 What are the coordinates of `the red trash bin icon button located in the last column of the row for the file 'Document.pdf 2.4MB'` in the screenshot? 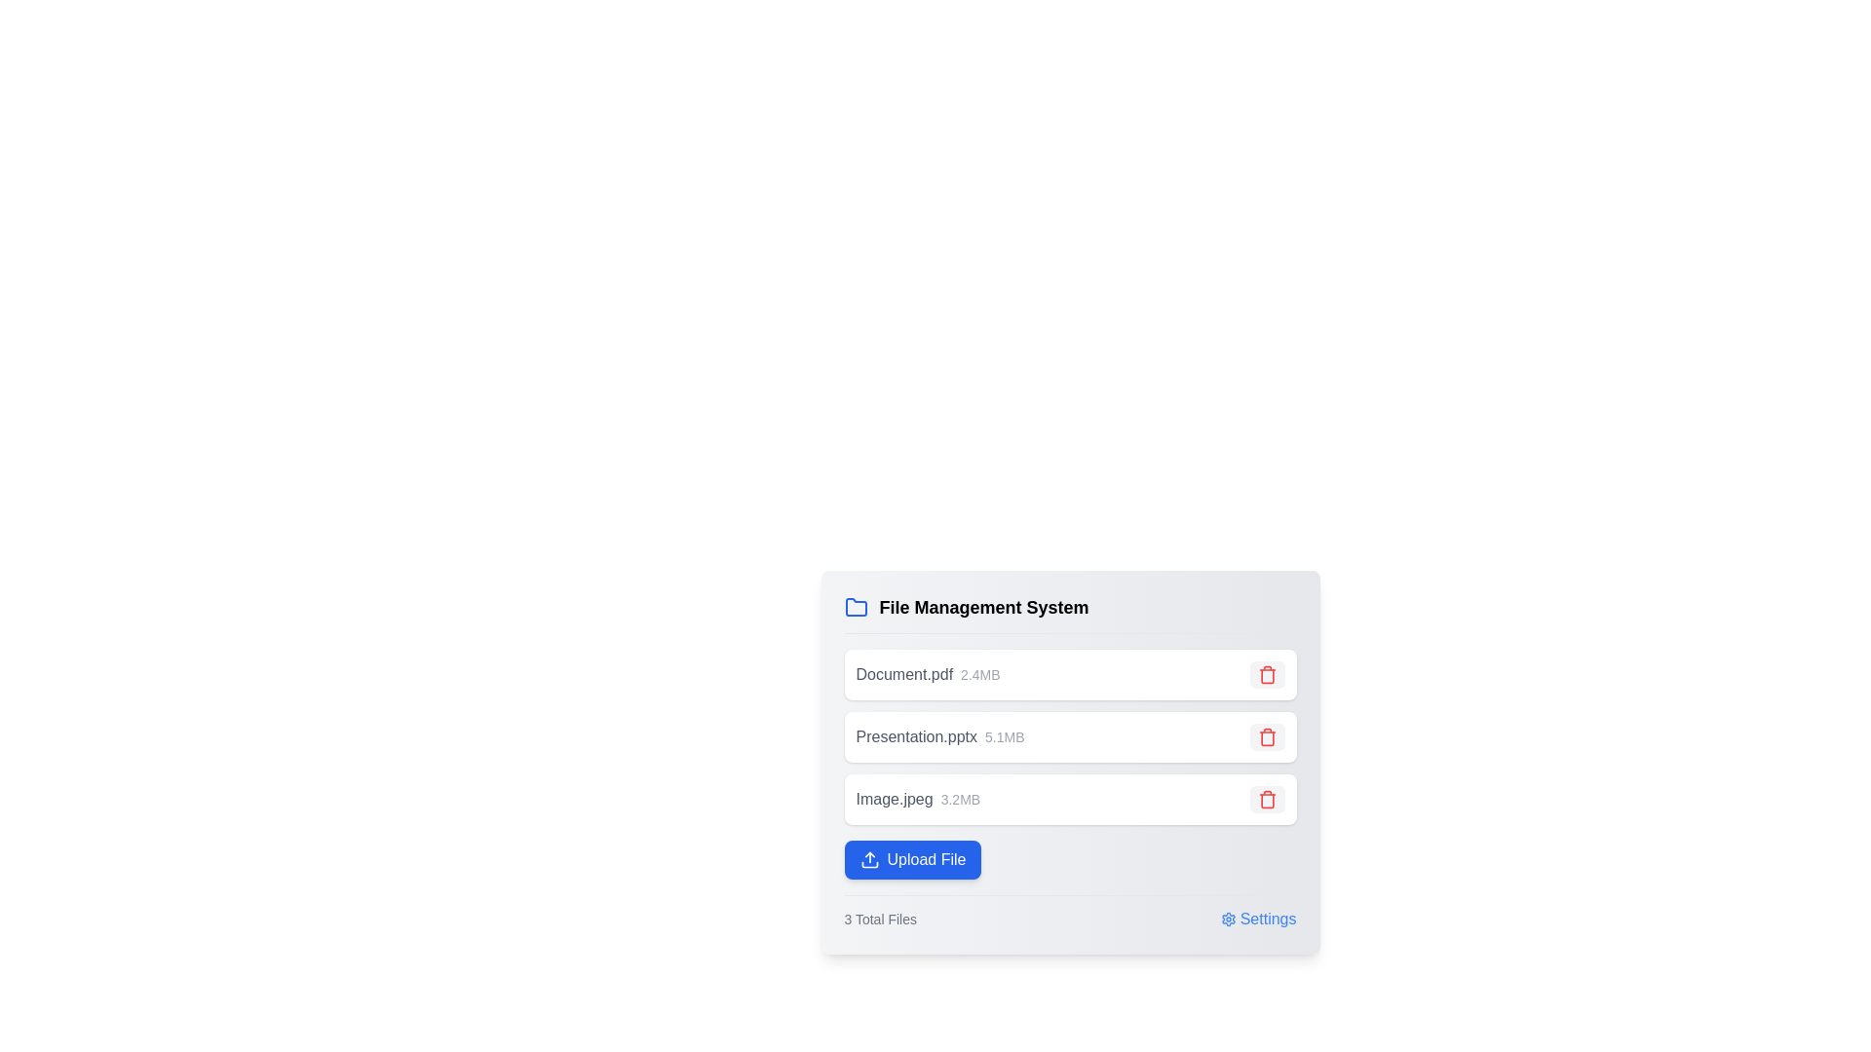 It's located at (1267, 674).